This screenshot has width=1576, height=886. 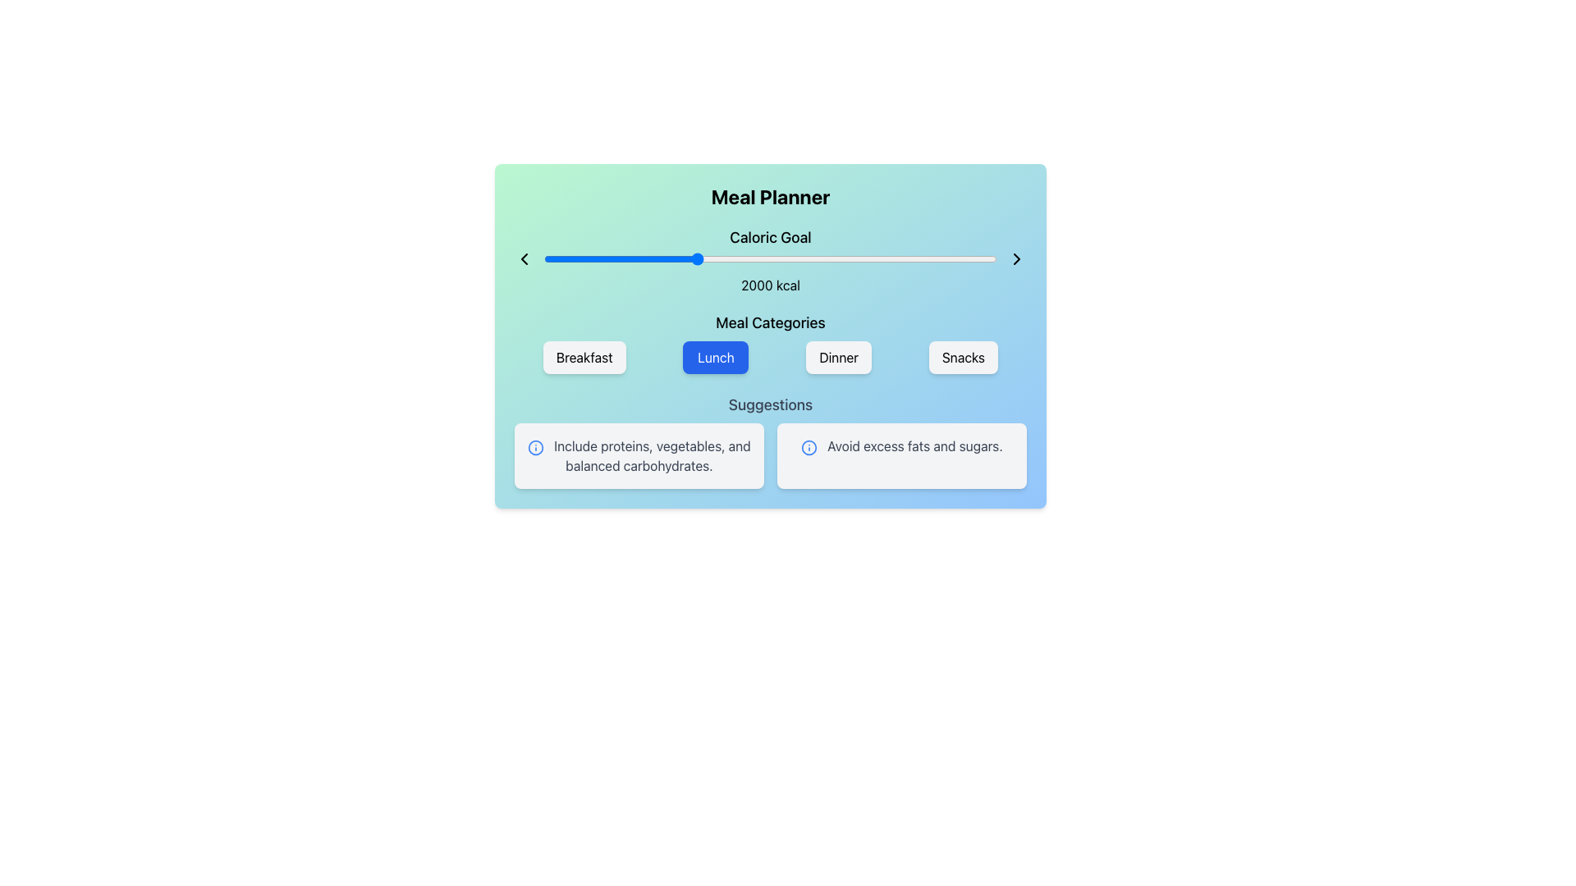 I want to click on the caloric goal, so click(x=662, y=258).